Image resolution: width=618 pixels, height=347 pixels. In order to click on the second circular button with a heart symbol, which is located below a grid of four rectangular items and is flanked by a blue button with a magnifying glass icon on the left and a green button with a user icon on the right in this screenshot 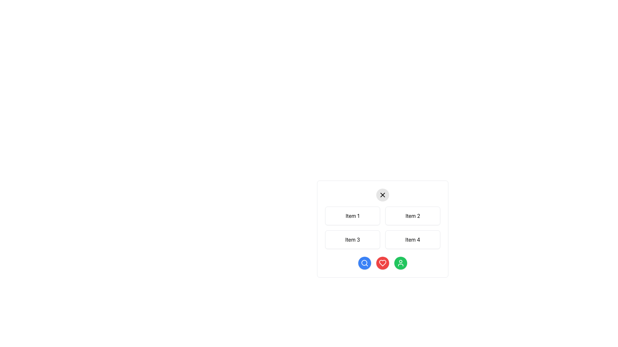, I will do `click(383, 263)`.